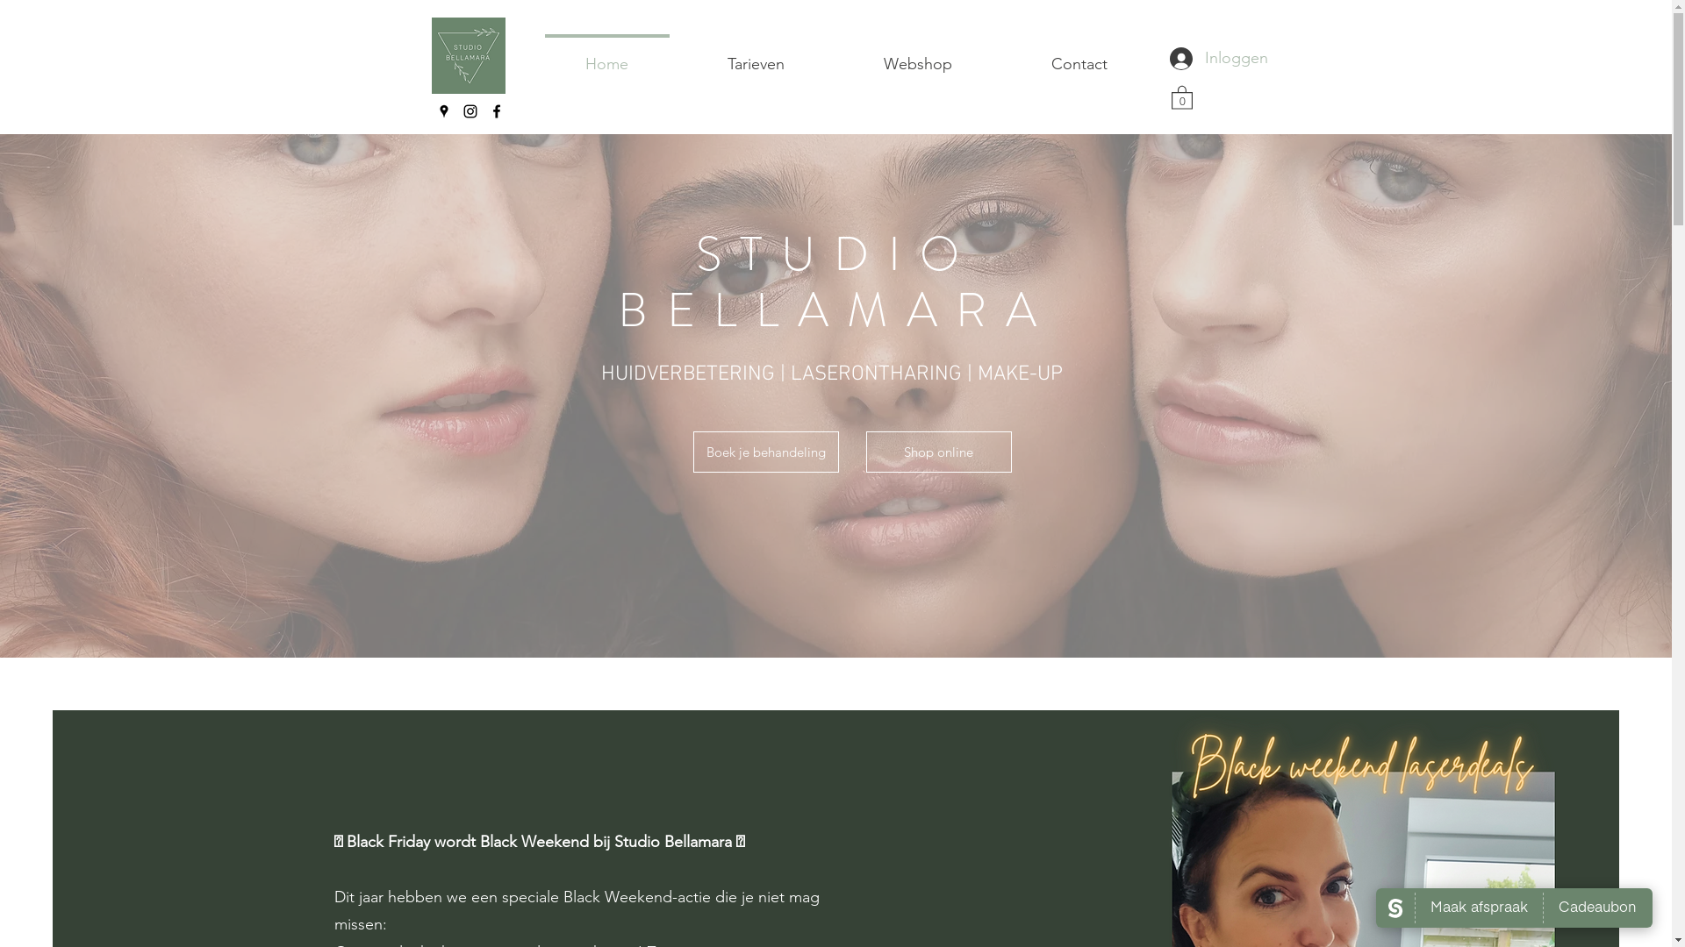  I want to click on 'Inloggen', so click(1192, 57).